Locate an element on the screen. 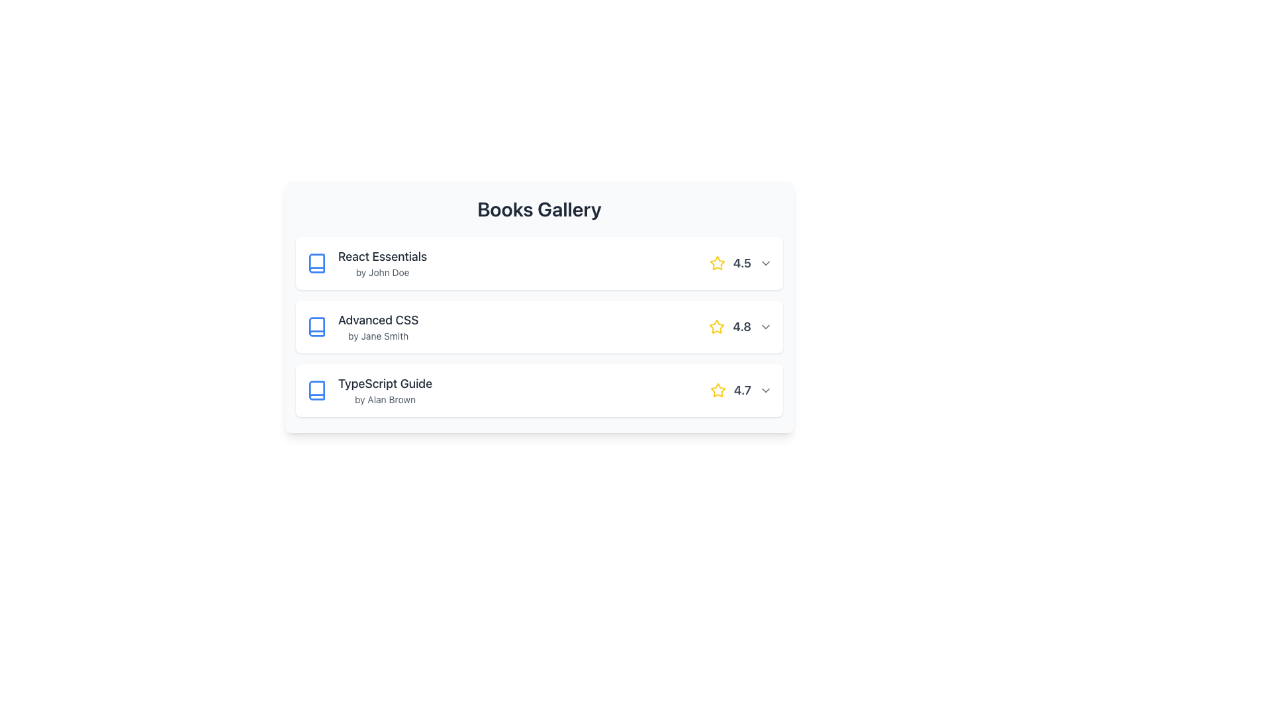 This screenshot has height=715, width=1271. the static text element representing the rating score for the associated book entry, positioned directly to the right of a star icon in the vertical list is located at coordinates (742, 390).